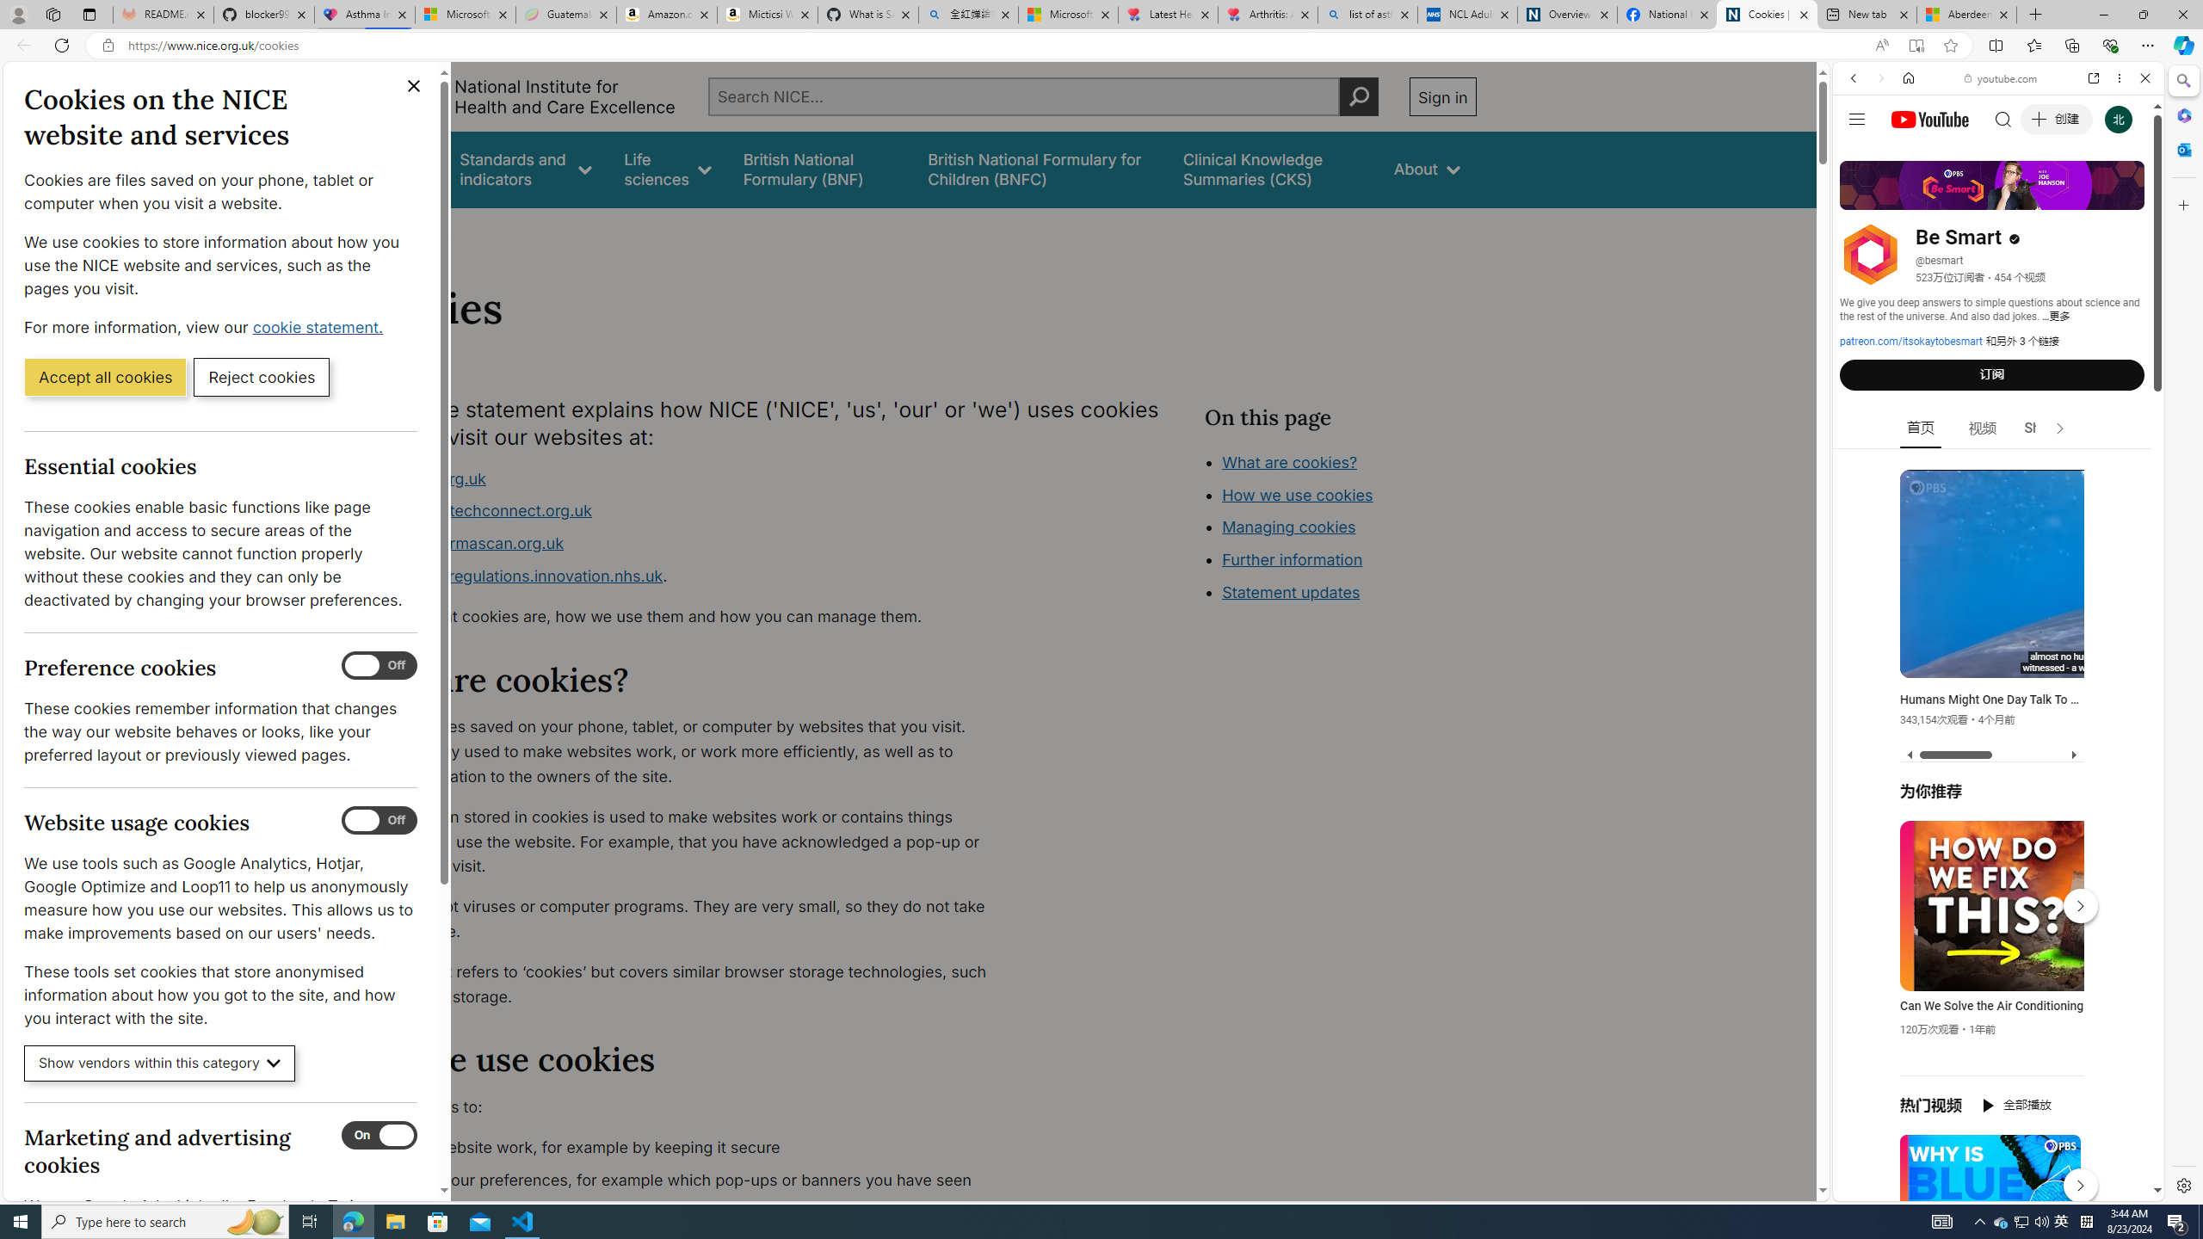 The width and height of the screenshot is (2203, 1239). I want to click on 'Search the web', so click(2006, 118).